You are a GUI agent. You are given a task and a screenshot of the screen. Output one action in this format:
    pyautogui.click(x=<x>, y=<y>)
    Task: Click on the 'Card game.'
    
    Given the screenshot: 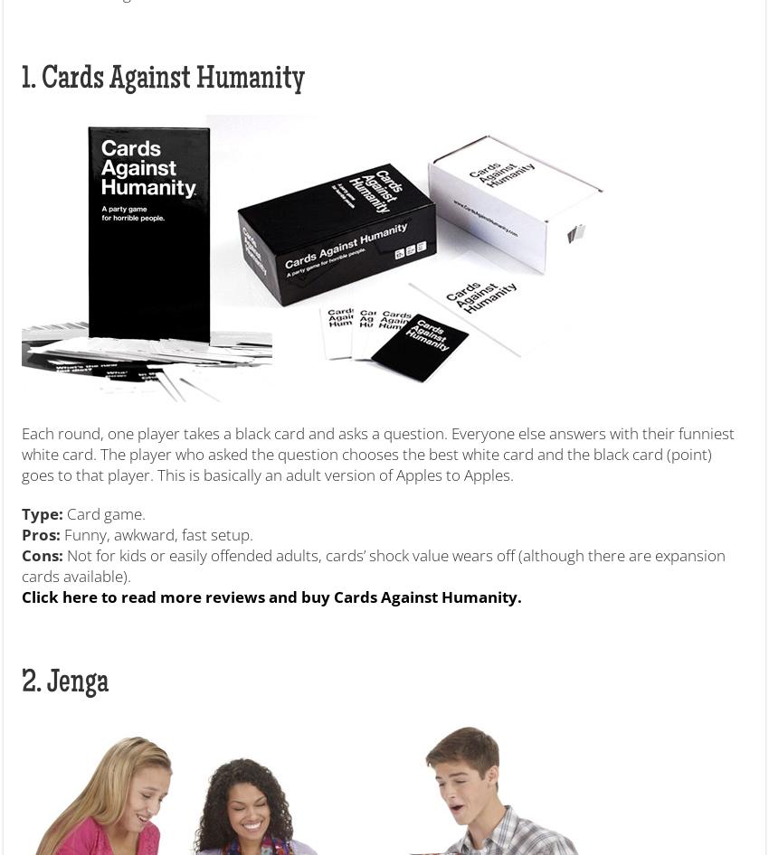 What is the action you would take?
    pyautogui.click(x=63, y=512)
    